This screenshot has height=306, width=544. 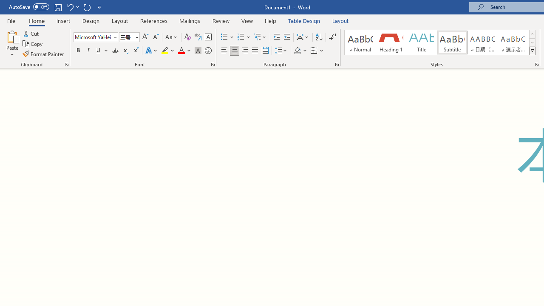 What do you see at coordinates (197, 37) in the screenshot?
I see `'Phonetic Guide...'` at bounding box center [197, 37].